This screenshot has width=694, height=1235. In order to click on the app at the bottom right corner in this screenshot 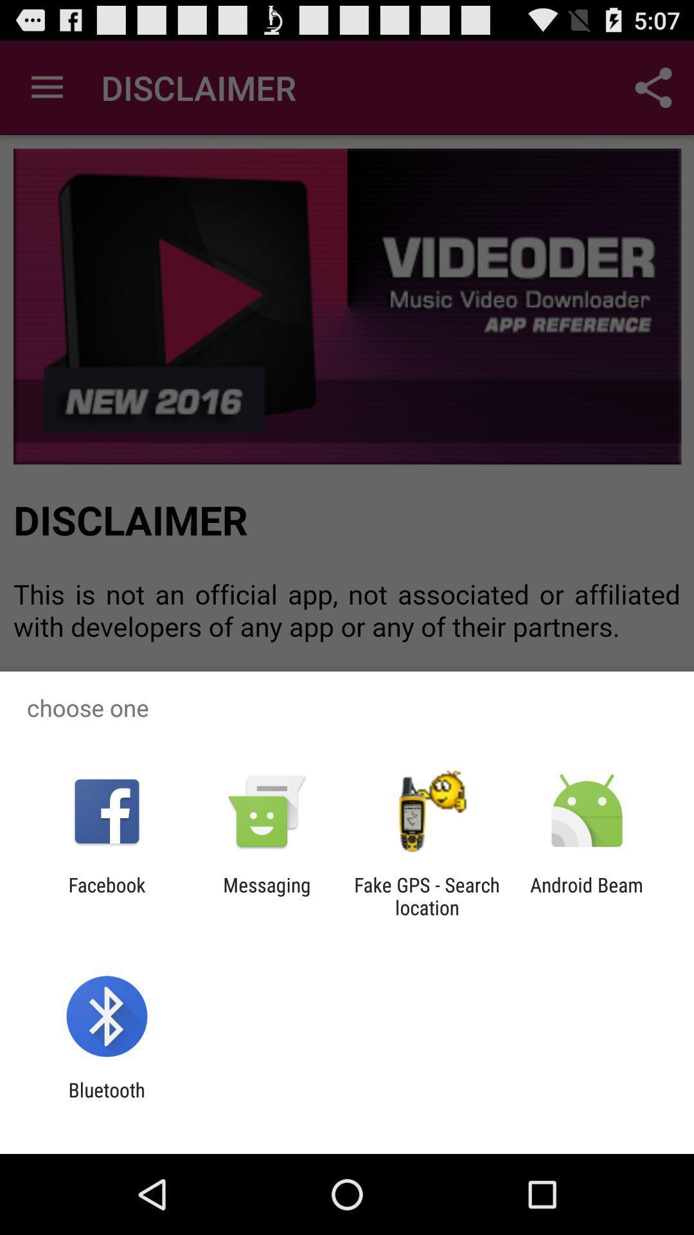, I will do `click(587, 895)`.